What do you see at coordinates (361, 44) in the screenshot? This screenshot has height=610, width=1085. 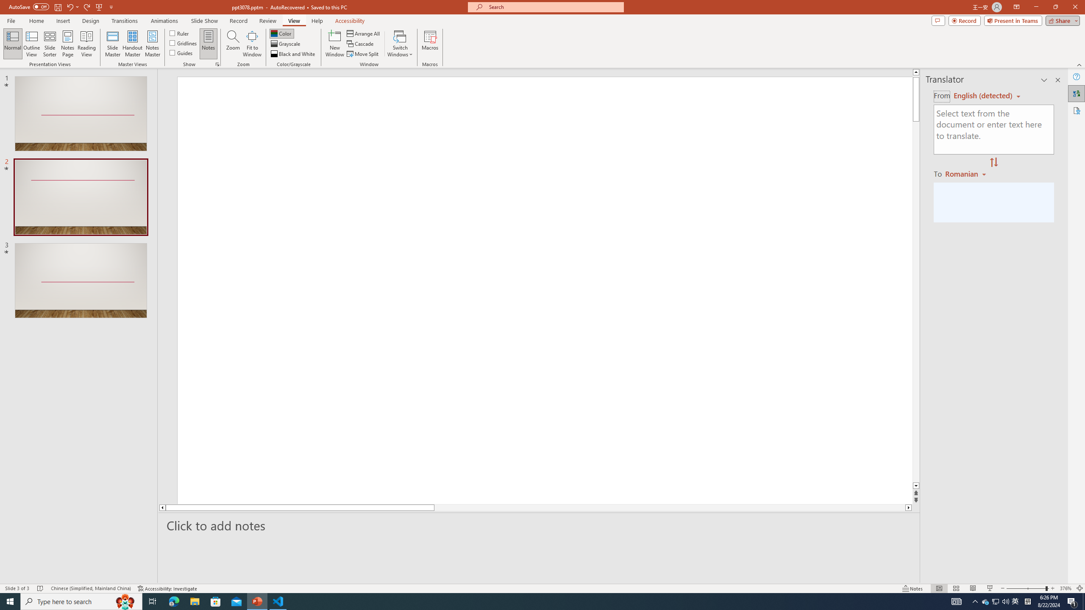 I see `'Cascade'` at bounding box center [361, 44].